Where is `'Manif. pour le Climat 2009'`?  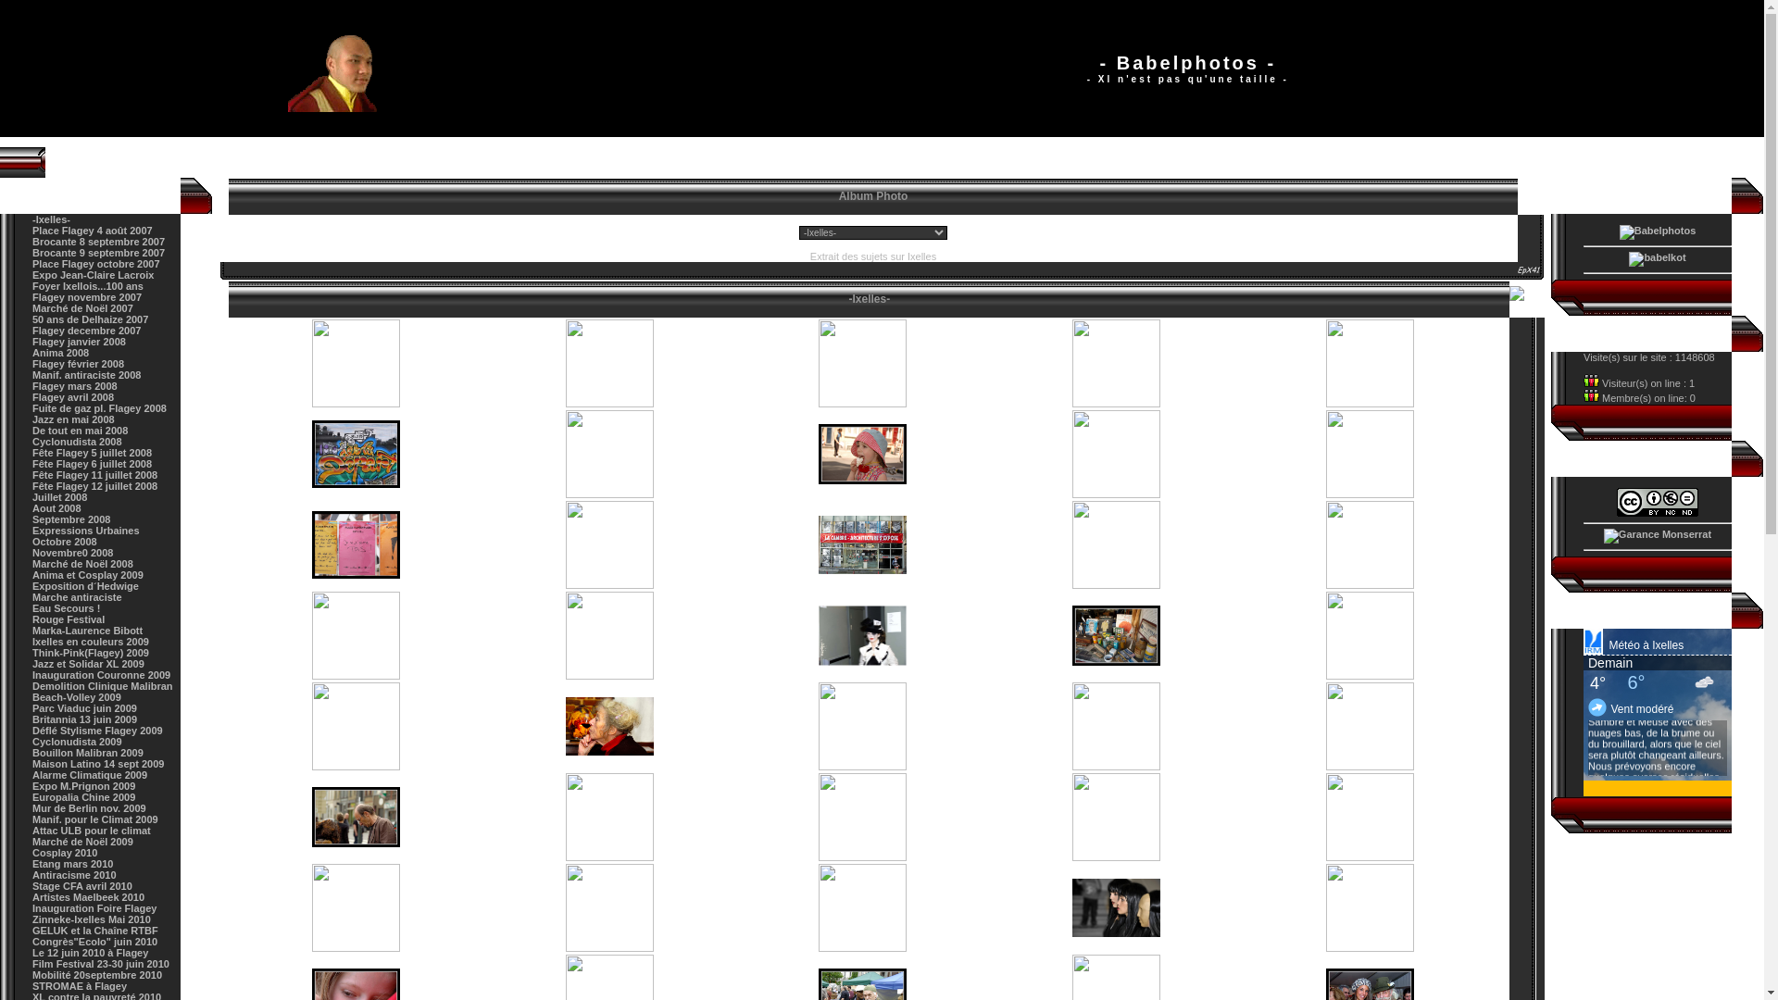
'Manif. pour le Climat 2009' is located at coordinates (94, 818).